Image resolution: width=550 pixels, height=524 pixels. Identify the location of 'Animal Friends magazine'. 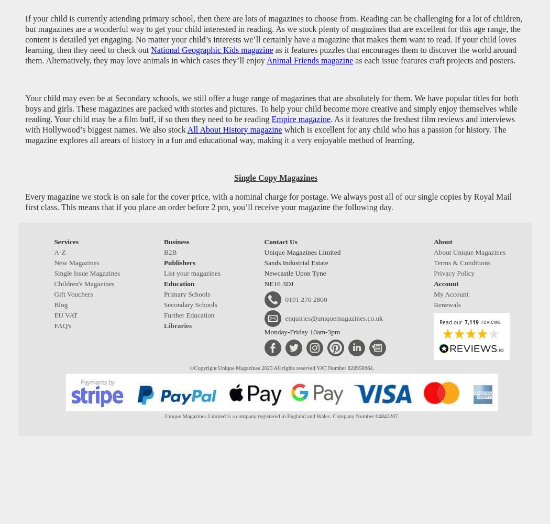
(309, 59).